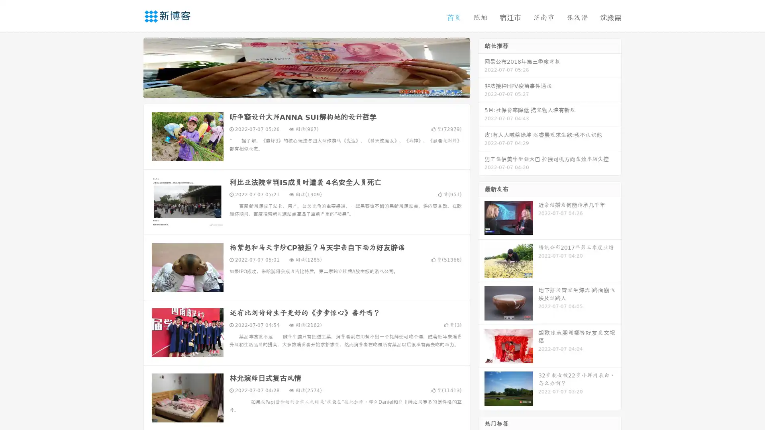 This screenshot has width=765, height=430. What do you see at coordinates (481, 67) in the screenshot?
I see `Next slide` at bounding box center [481, 67].